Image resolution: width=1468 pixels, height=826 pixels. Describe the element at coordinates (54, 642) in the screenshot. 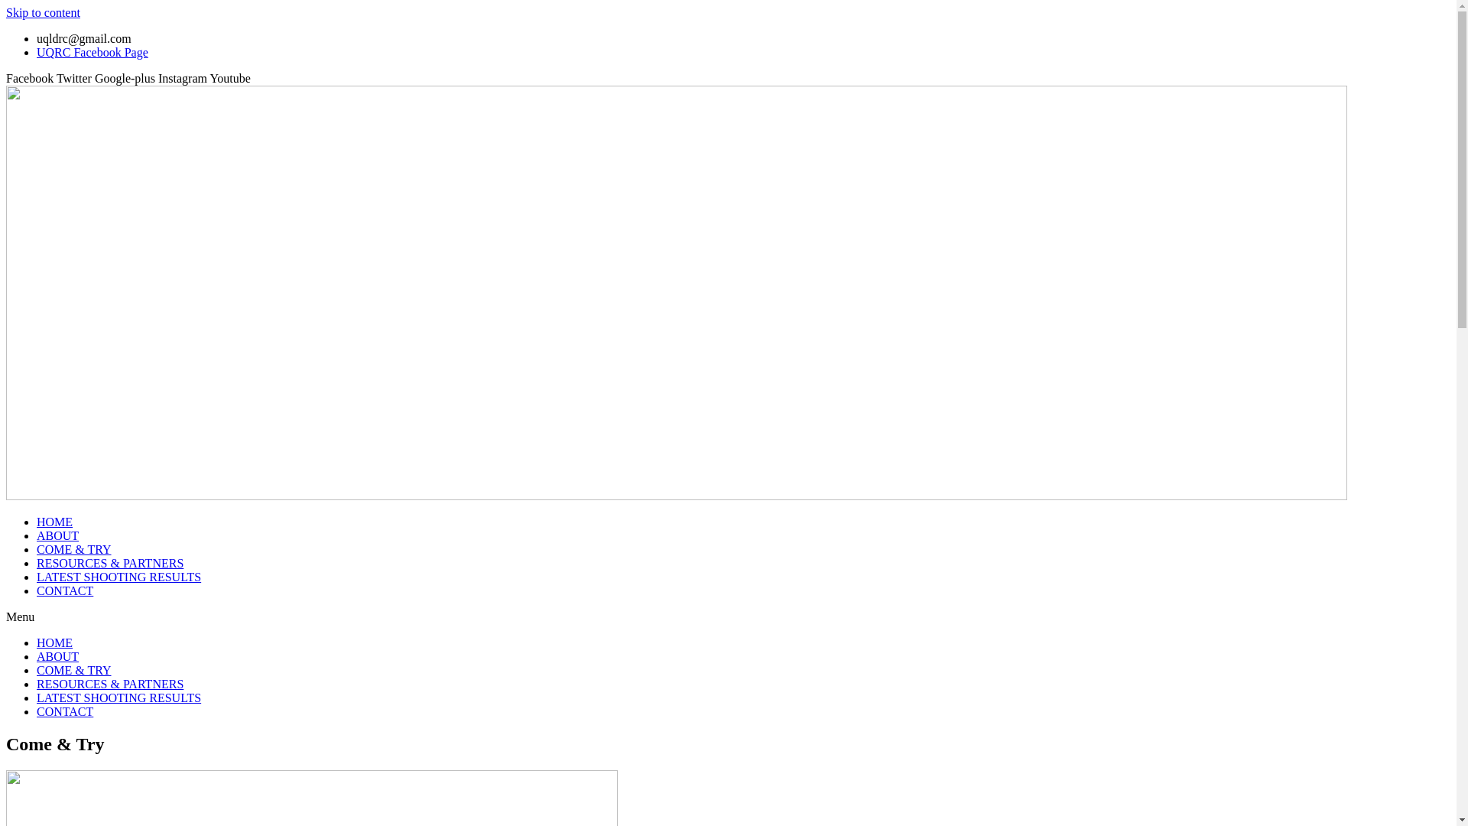

I see `'HOME'` at that location.